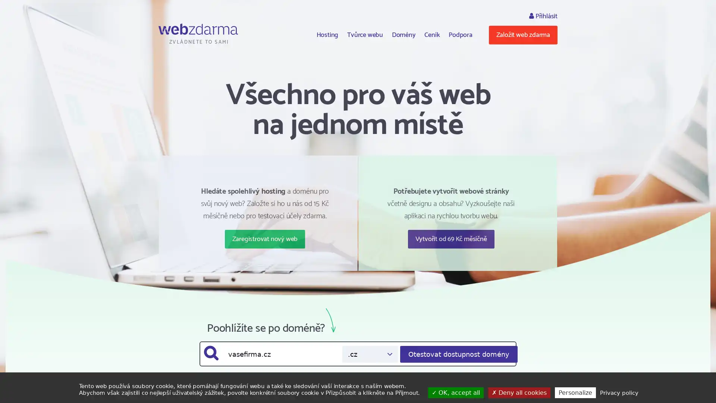 The image size is (716, 403). I want to click on Deny all cookies, so click(518, 392).